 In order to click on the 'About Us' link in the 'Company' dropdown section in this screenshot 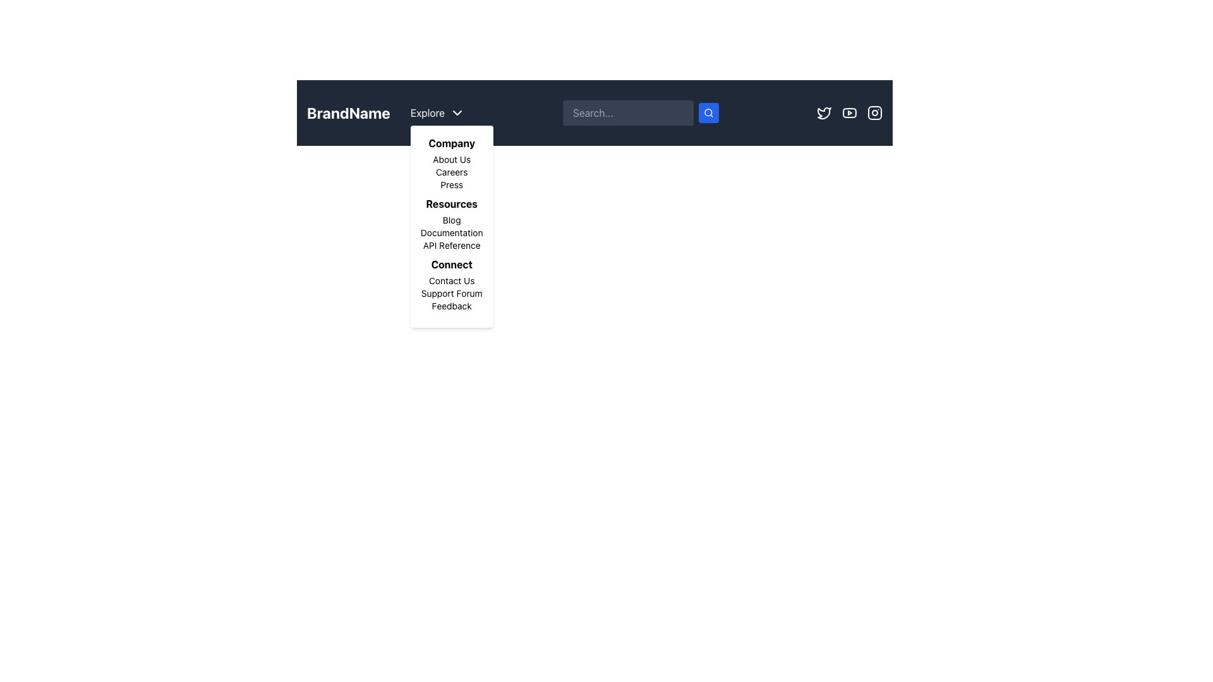, I will do `click(452, 162)`.